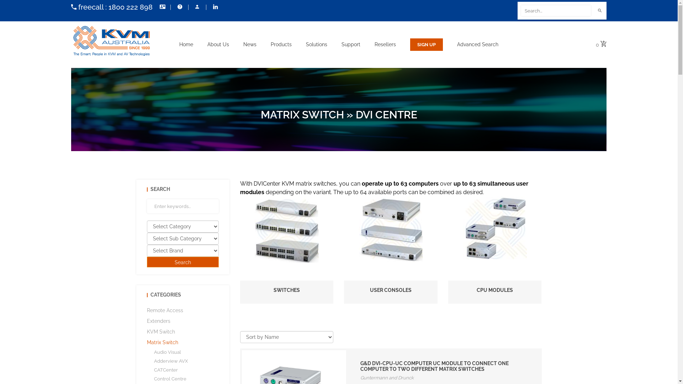 Image resolution: width=683 pixels, height=384 pixels. Describe the element at coordinates (170, 361) in the screenshot. I see `'Adderview AVX'` at that location.